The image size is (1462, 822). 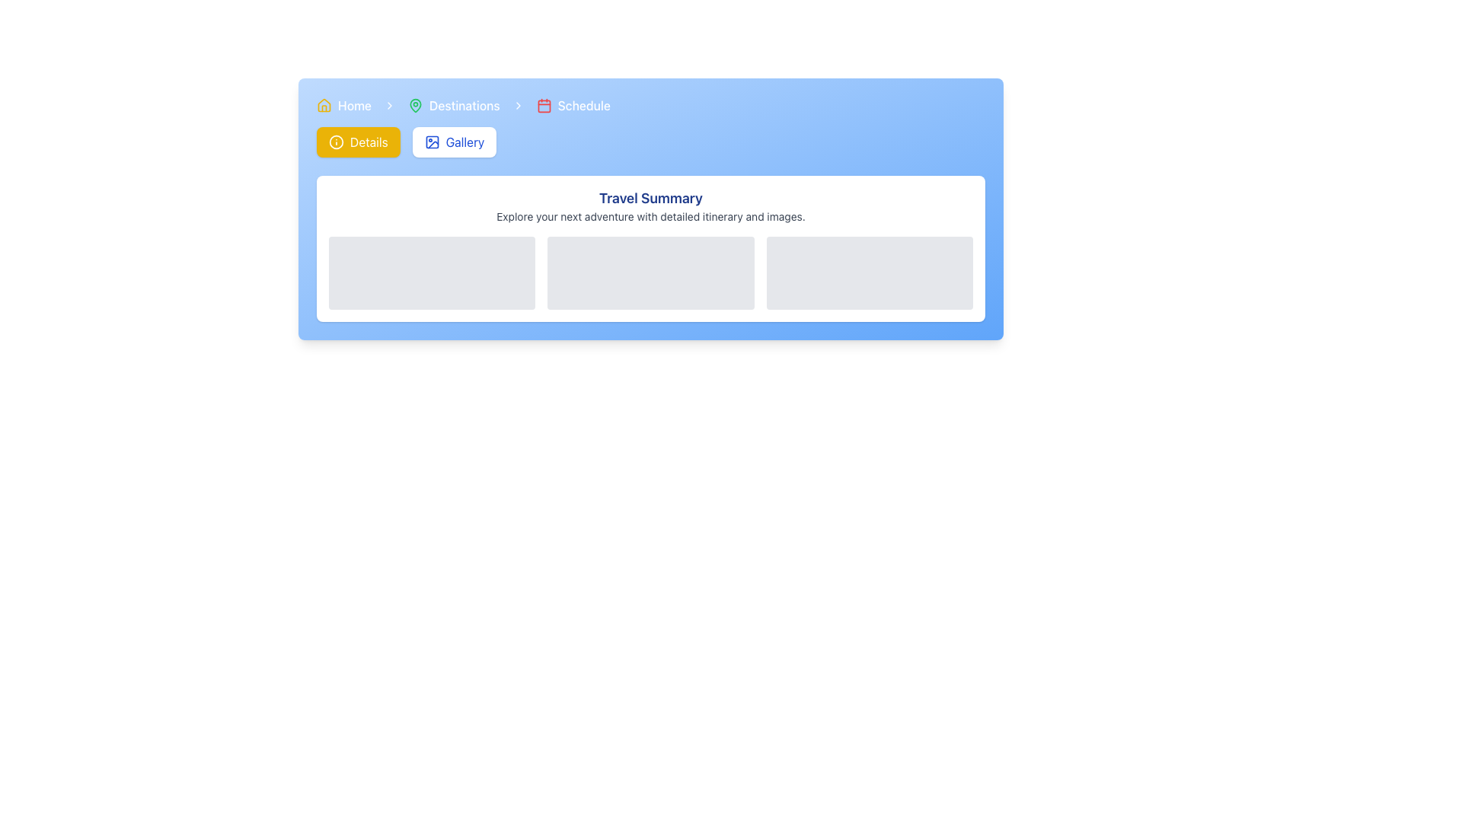 I want to click on the gallery icon located inside the blue 'Gallery' button, so click(x=431, y=142).